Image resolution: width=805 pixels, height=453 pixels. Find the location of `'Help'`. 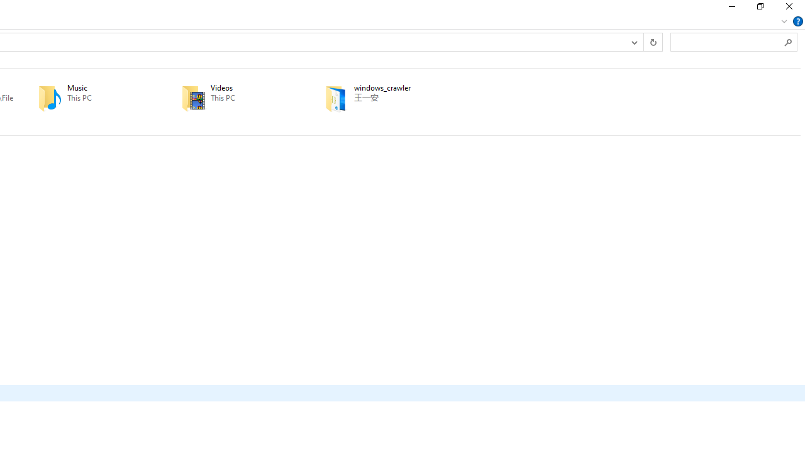

'Help' is located at coordinates (797, 21).